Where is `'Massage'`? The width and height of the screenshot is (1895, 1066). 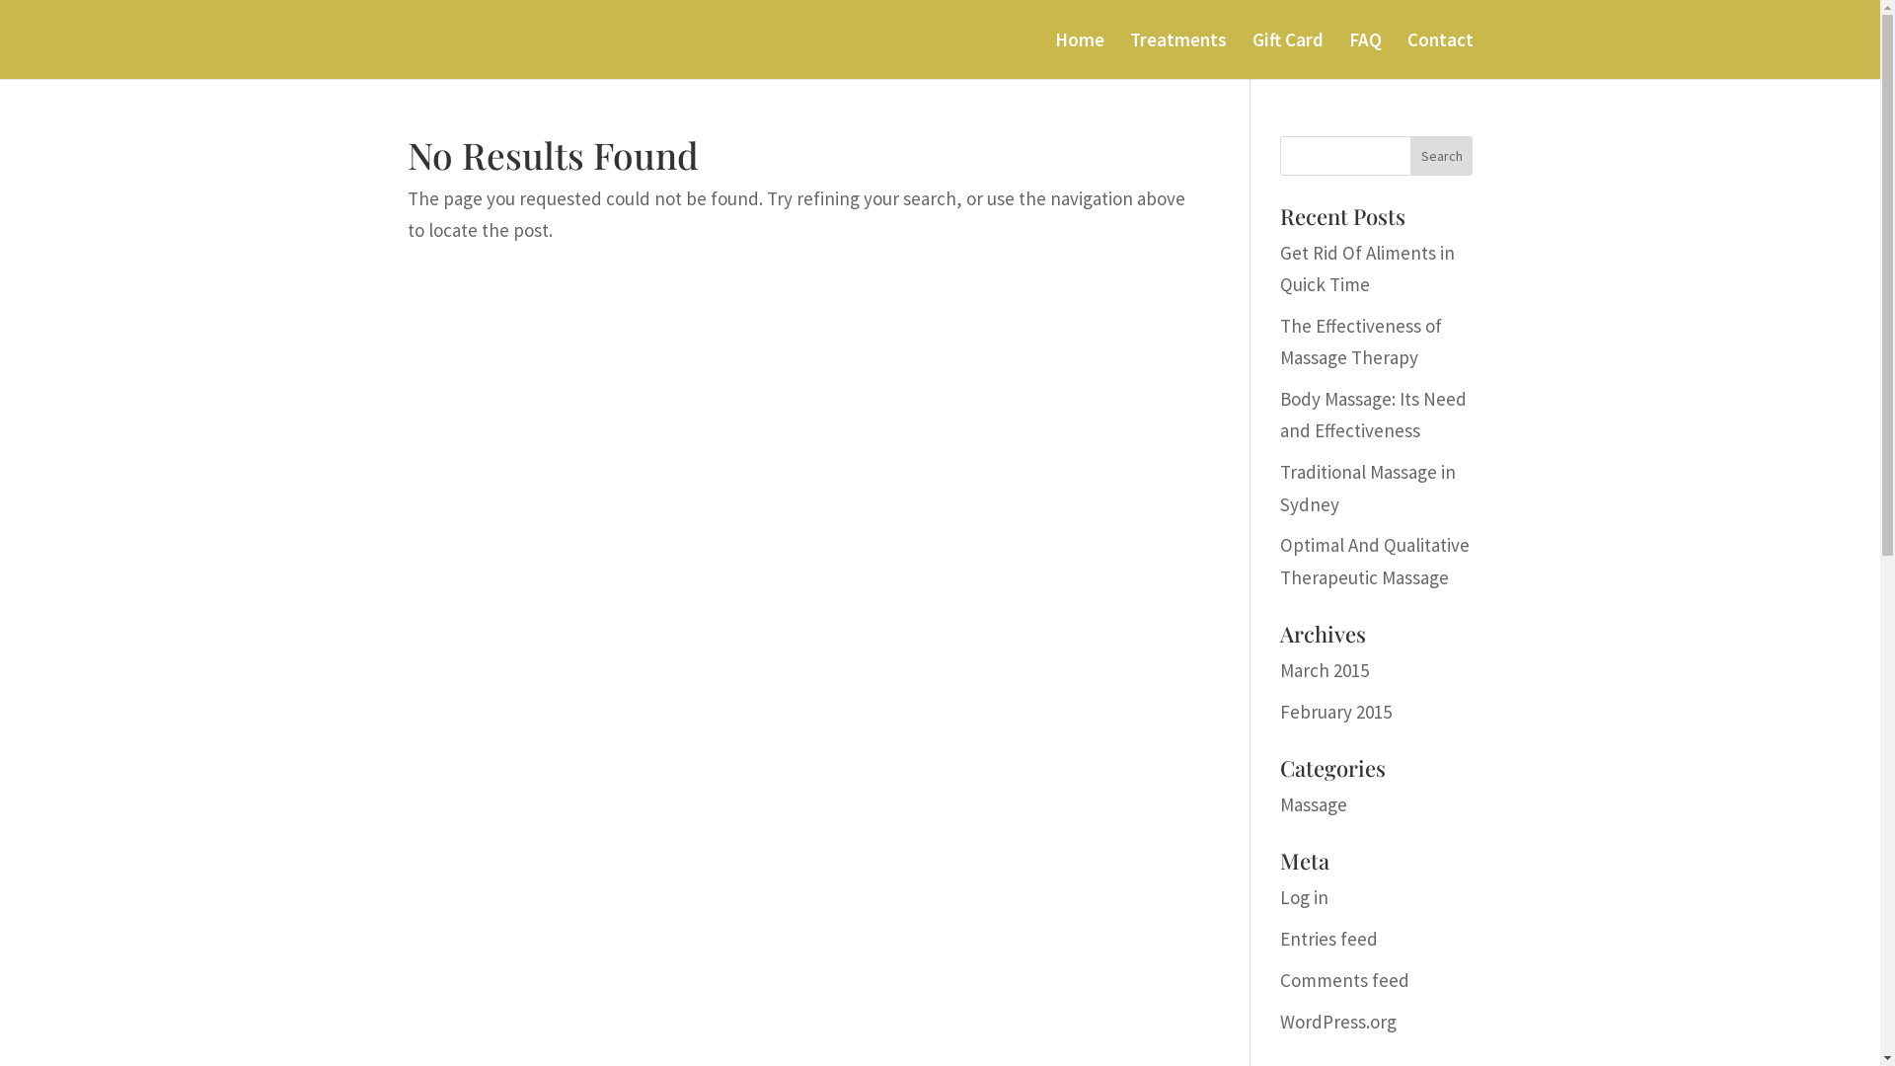 'Massage' is located at coordinates (1279, 803).